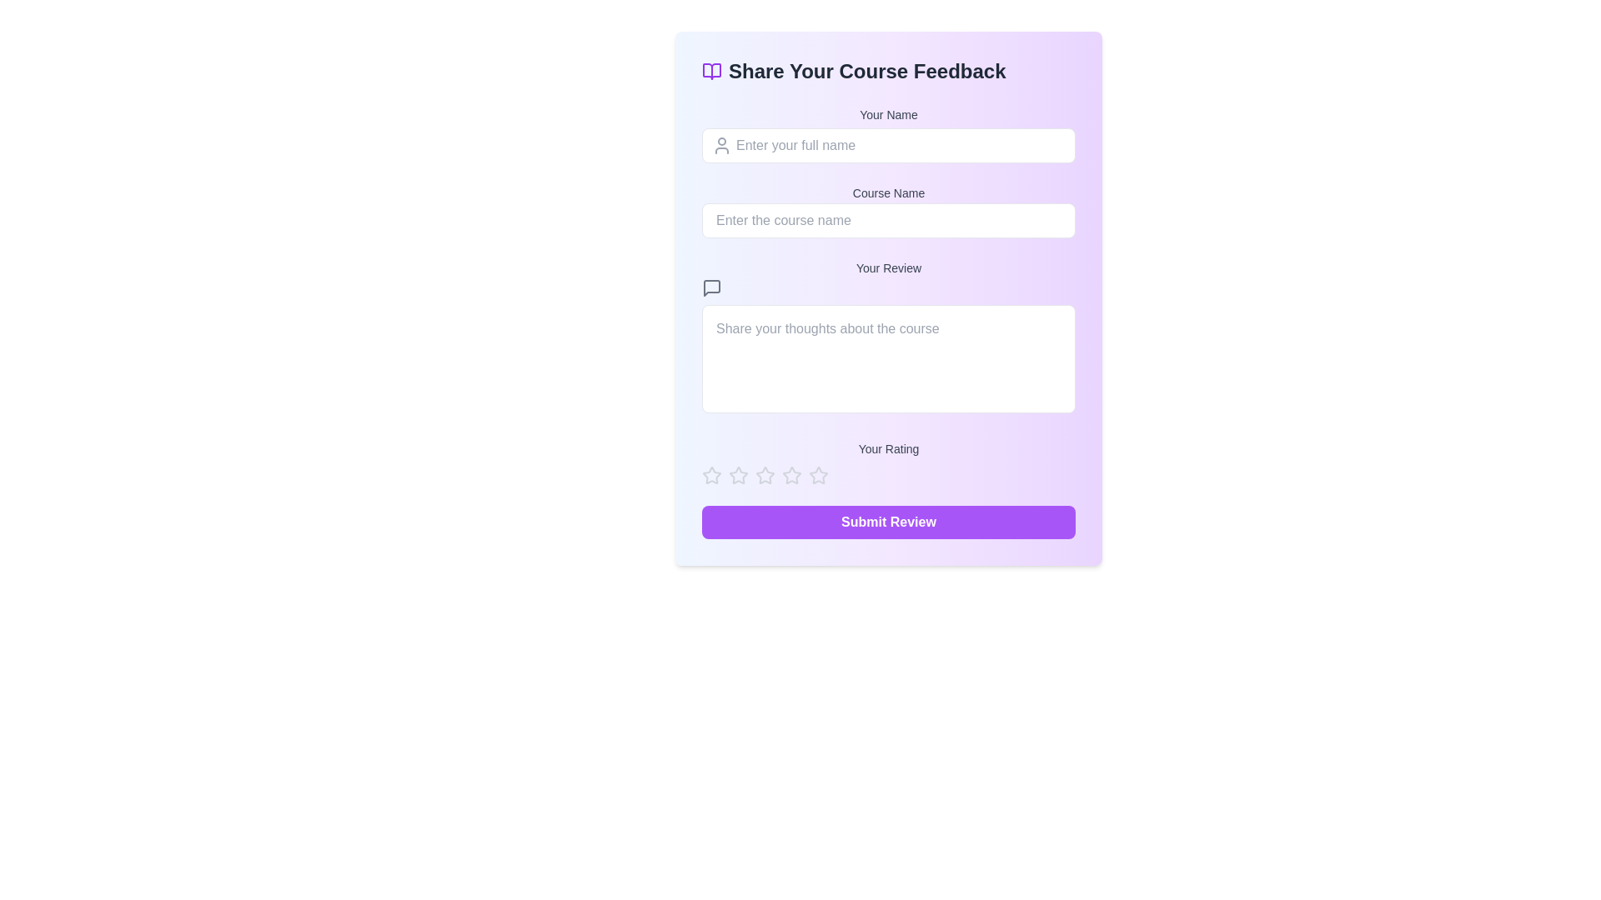  What do you see at coordinates (712, 70) in the screenshot?
I see `the decorative icon located at the top-left corner of the 'Share Your Course Feedback' dialog box, positioned just to the left of the title text` at bounding box center [712, 70].